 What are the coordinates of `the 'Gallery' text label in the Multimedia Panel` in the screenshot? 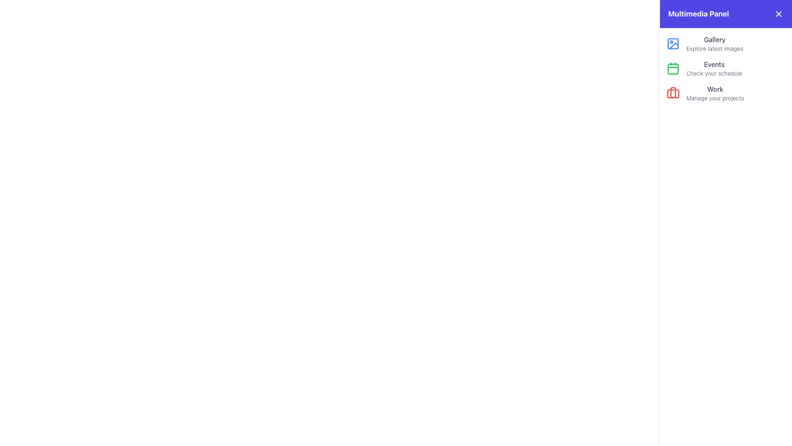 It's located at (714, 43).